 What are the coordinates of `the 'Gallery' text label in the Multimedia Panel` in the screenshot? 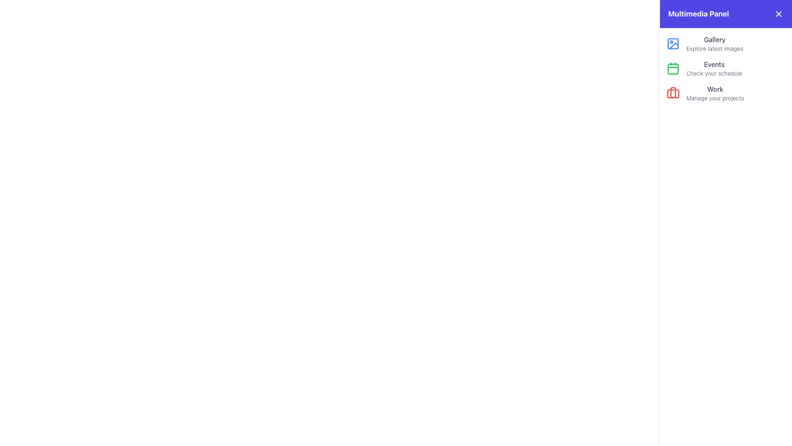 It's located at (714, 43).